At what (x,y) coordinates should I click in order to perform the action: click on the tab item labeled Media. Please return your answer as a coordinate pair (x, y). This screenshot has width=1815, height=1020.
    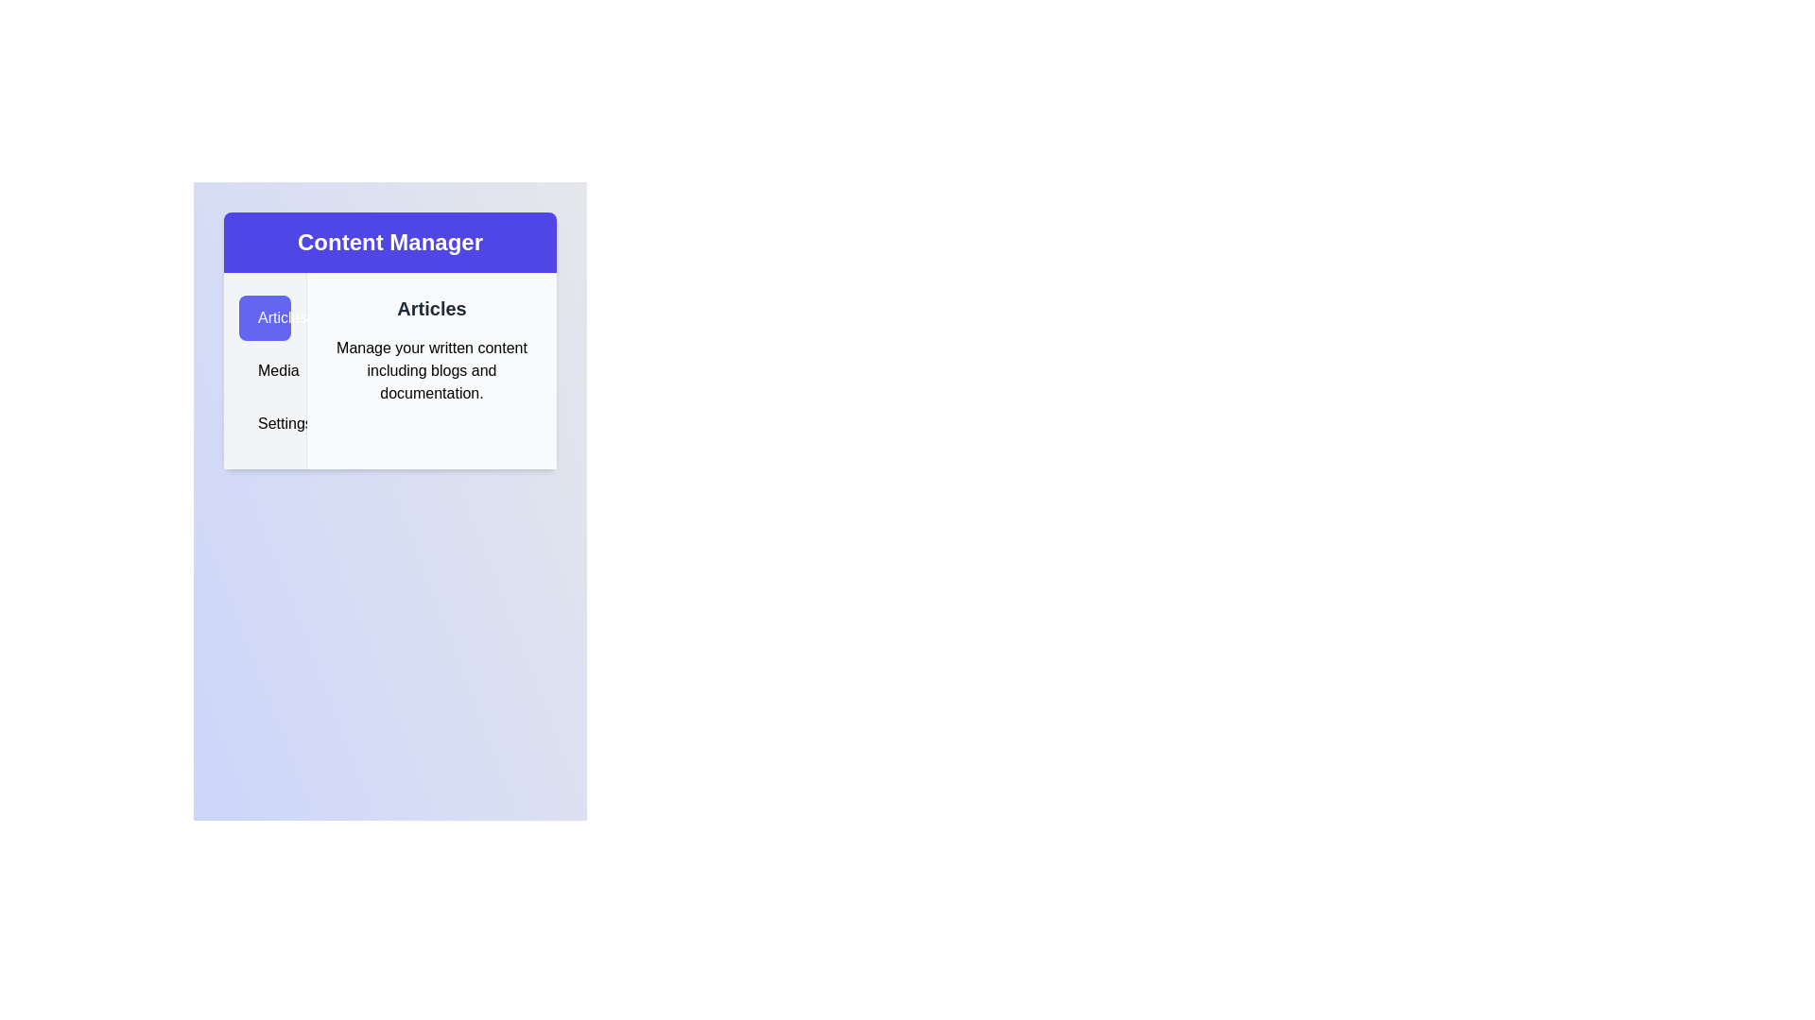
    Looking at the image, I should click on (264, 371).